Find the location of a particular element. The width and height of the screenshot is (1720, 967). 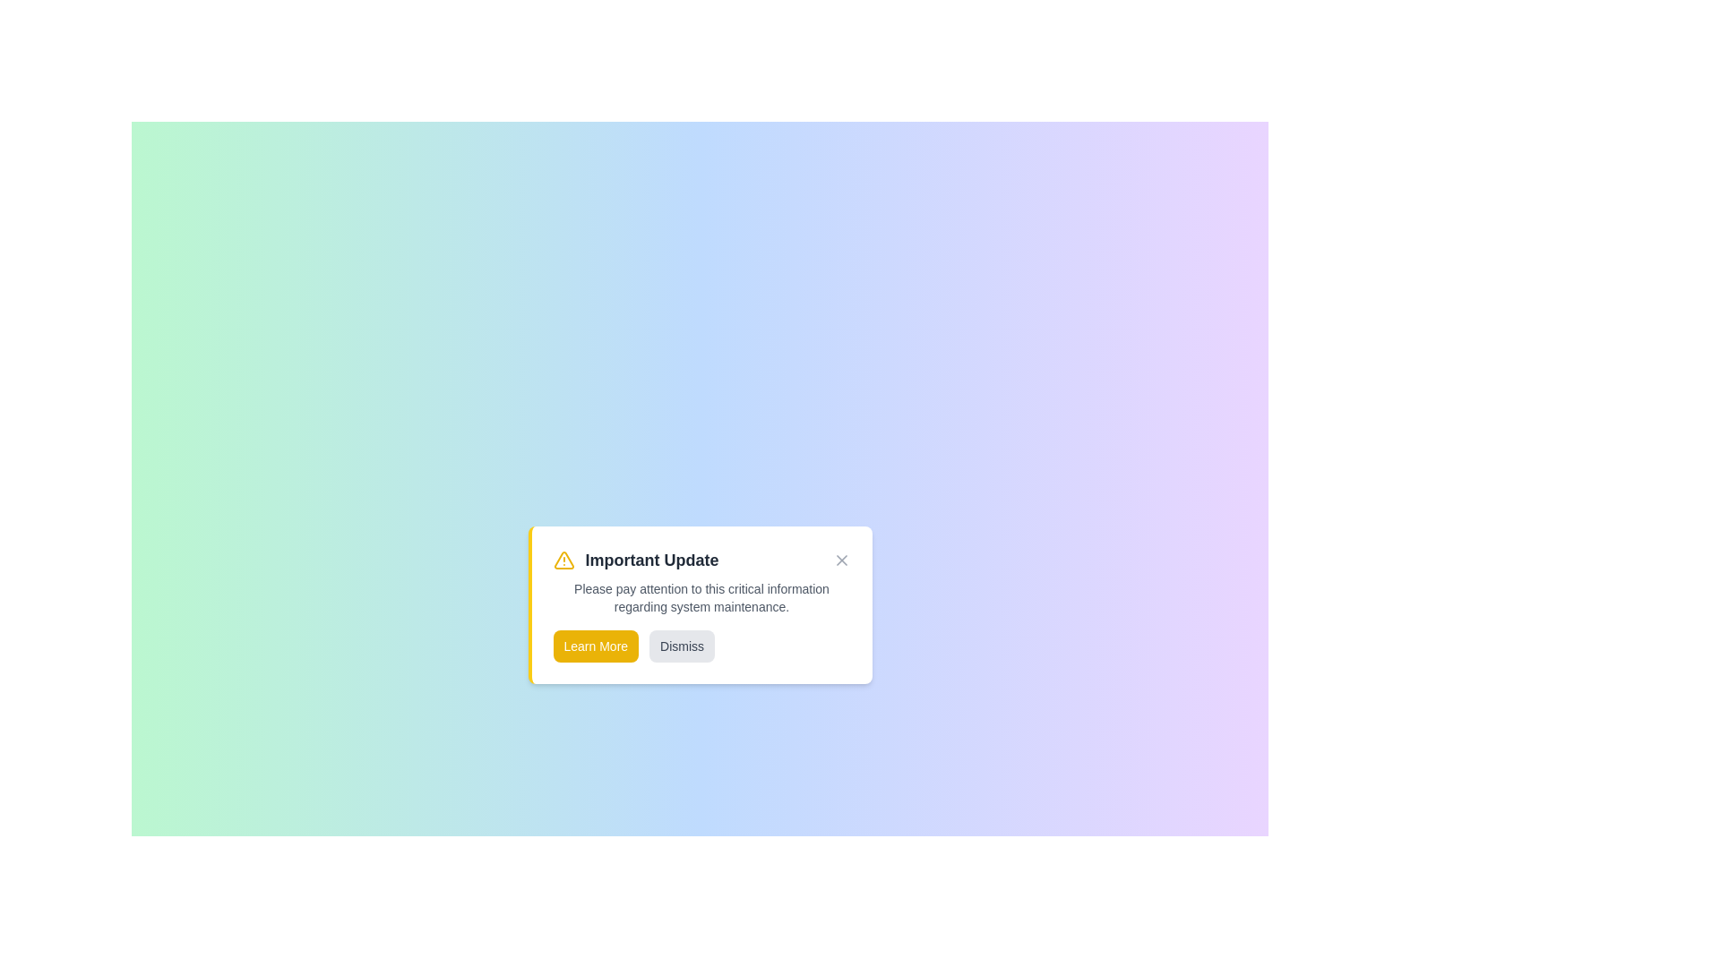

the 'Learn More' button to proceed with the alert details is located at coordinates (596, 646).